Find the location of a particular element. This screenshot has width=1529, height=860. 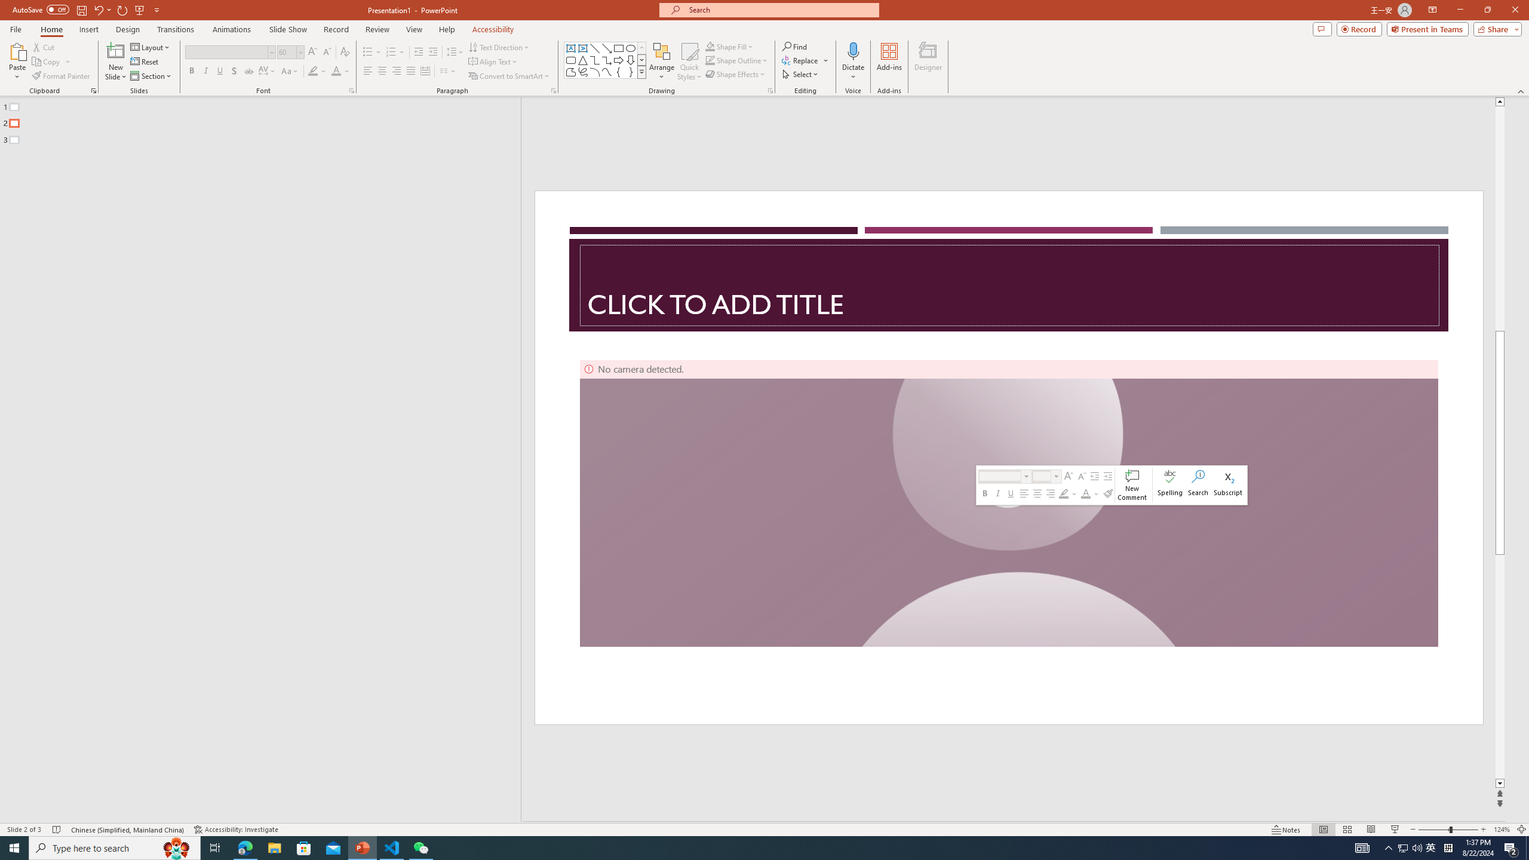

'Font' is located at coordinates (226, 52).